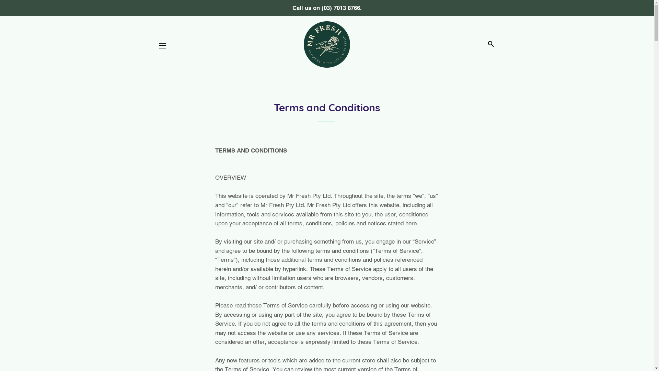 This screenshot has width=659, height=371. Describe the element at coordinates (490, 44) in the screenshot. I see `'SEARCH'` at that location.